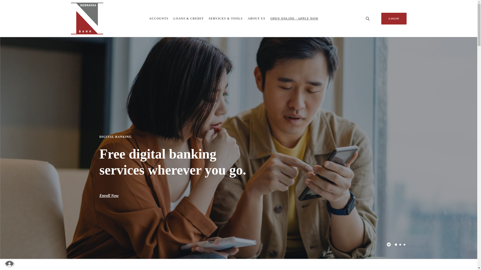 The height and width of the screenshot is (270, 481). I want to click on '3', so click(404, 244).